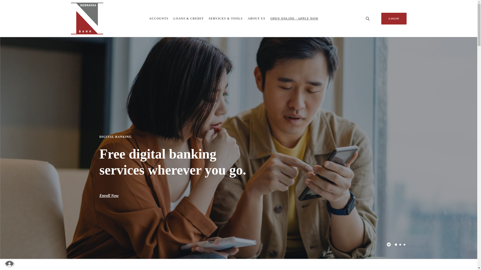 The height and width of the screenshot is (270, 481). I want to click on '3', so click(404, 244).